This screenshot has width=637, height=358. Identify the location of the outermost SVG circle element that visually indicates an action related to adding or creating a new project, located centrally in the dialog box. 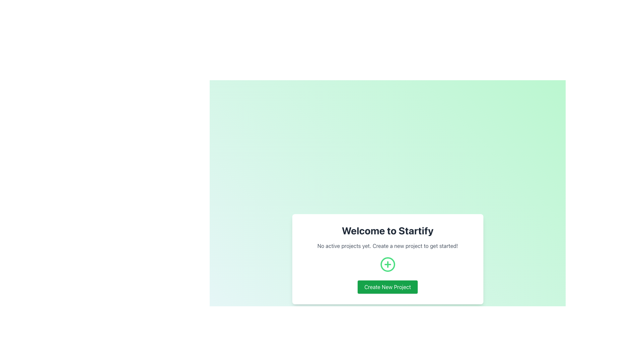
(388, 264).